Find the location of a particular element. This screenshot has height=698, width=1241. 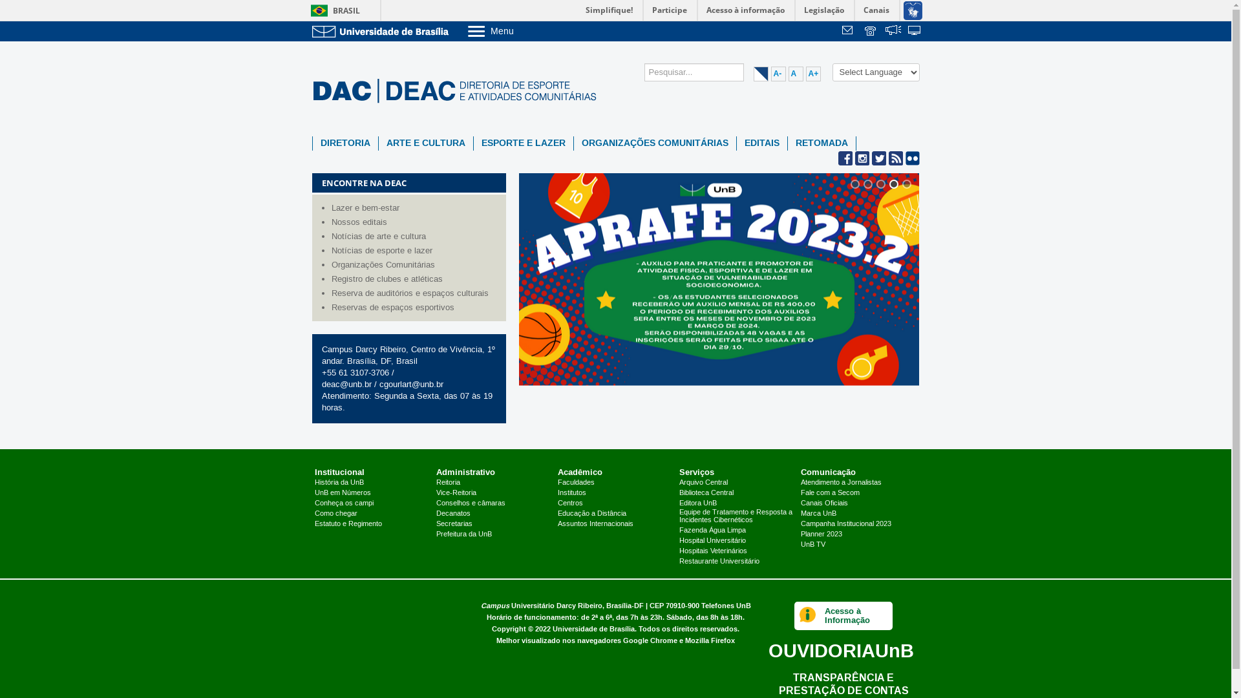

'Sistemas' is located at coordinates (906, 31).